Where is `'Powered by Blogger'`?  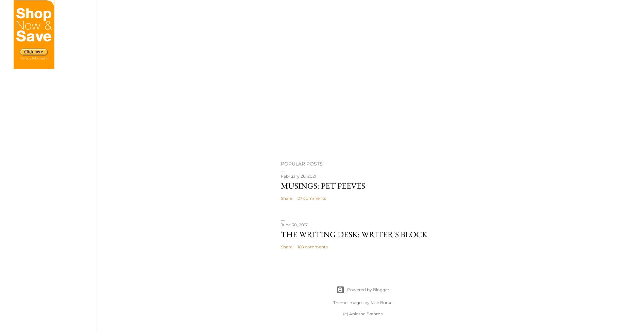 'Powered by Blogger' is located at coordinates (368, 289).